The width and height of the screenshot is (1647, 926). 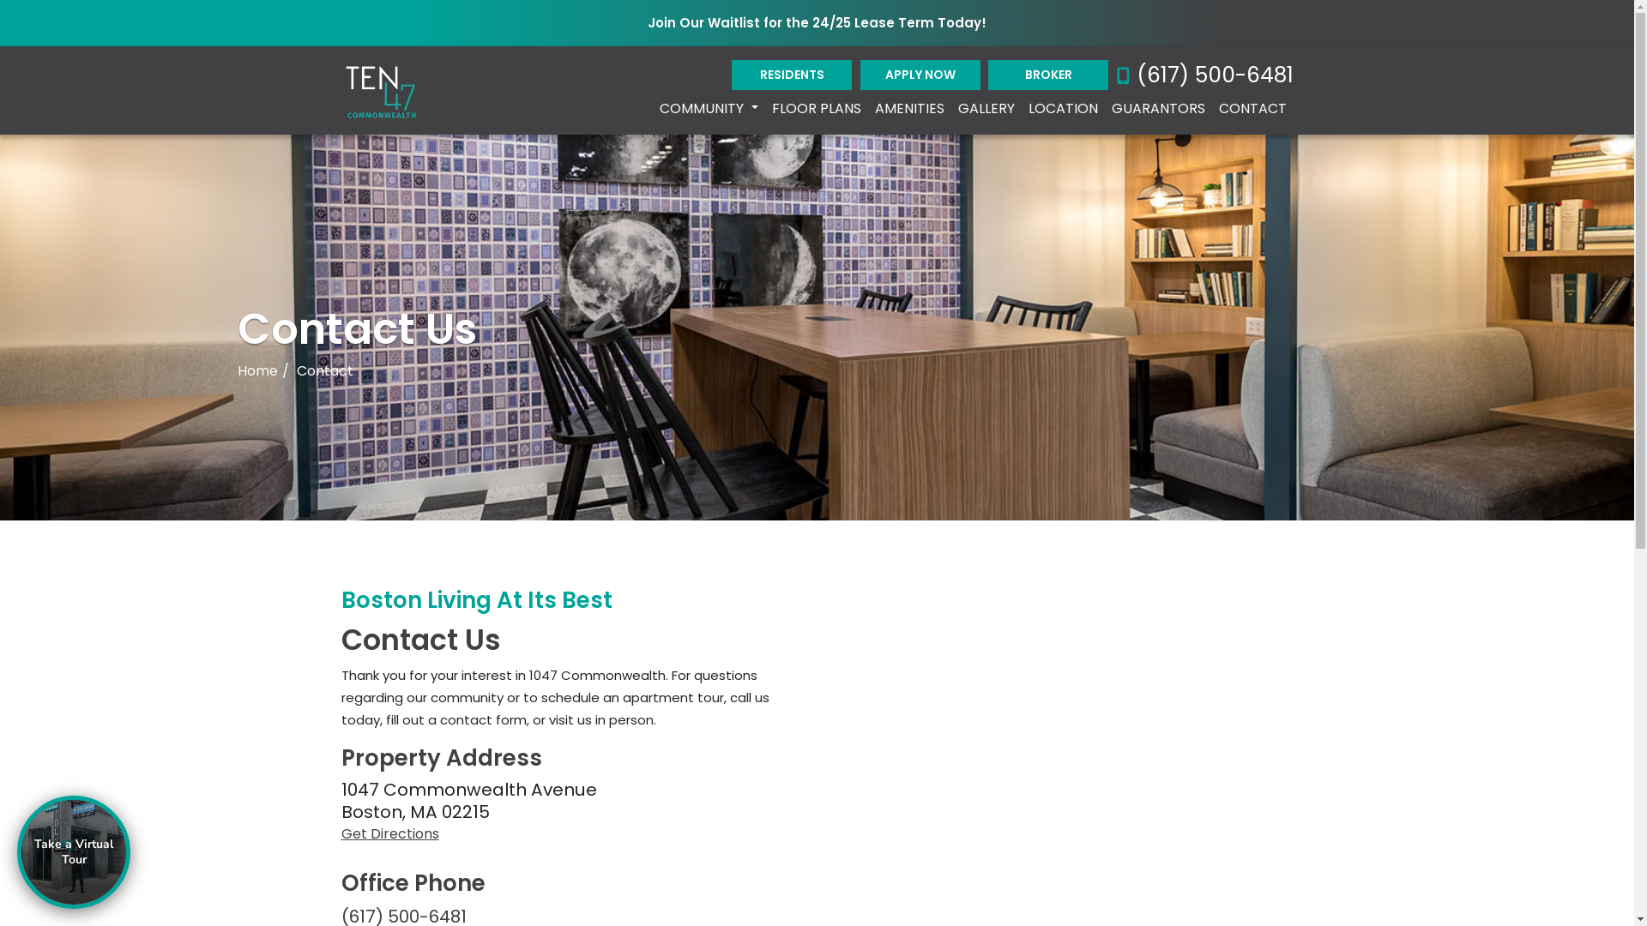 I want to click on 'CONTACT', so click(x=1252, y=108).